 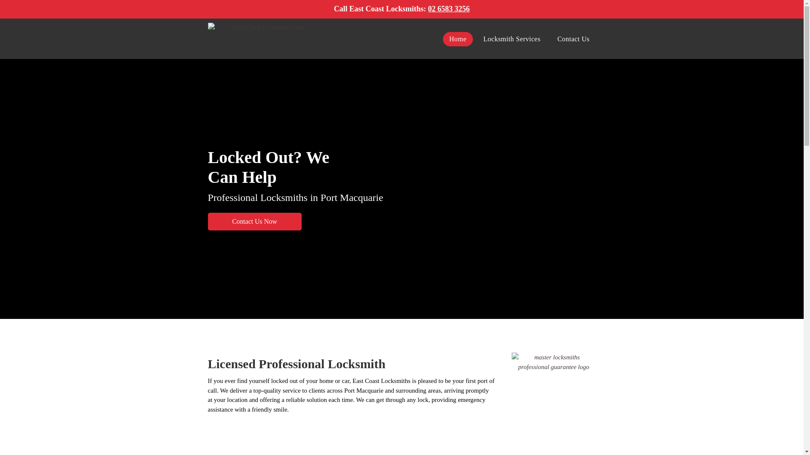 What do you see at coordinates (511, 39) in the screenshot?
I see `'Locksmith Services'` at bounding box center [511, 39].